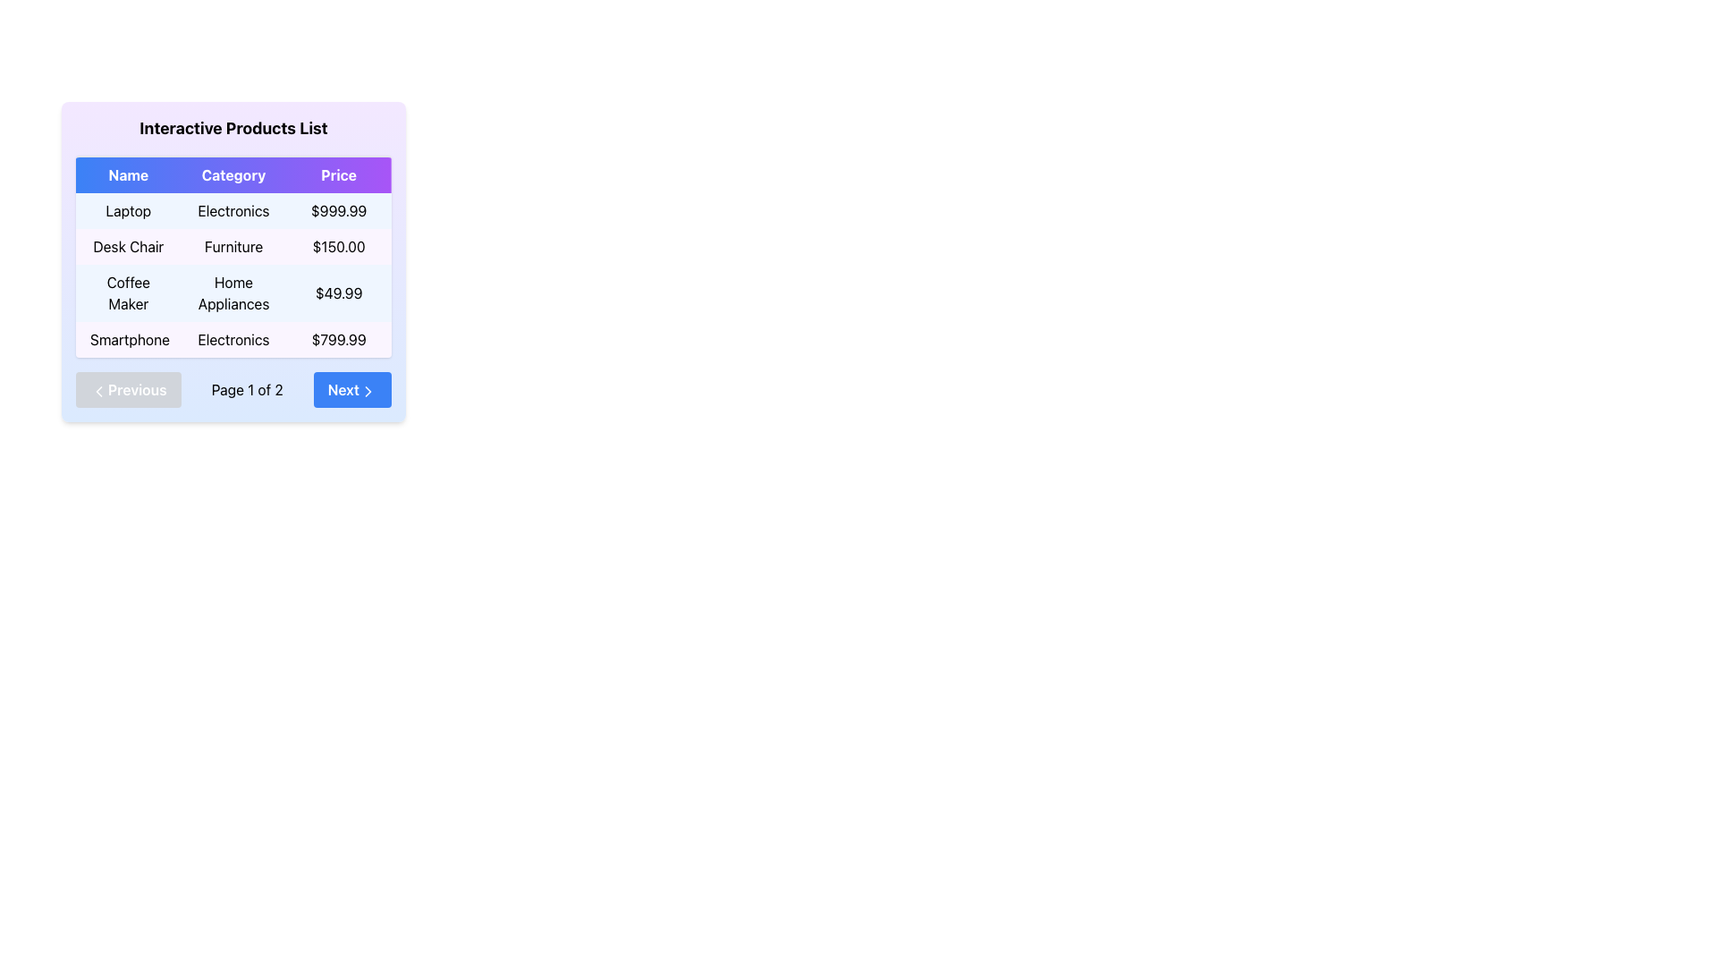 The image size is (1717, 966). I want to click on the 'Laptop' category label in the first row of the table under the 'Electronics' category, so click(233, 209).